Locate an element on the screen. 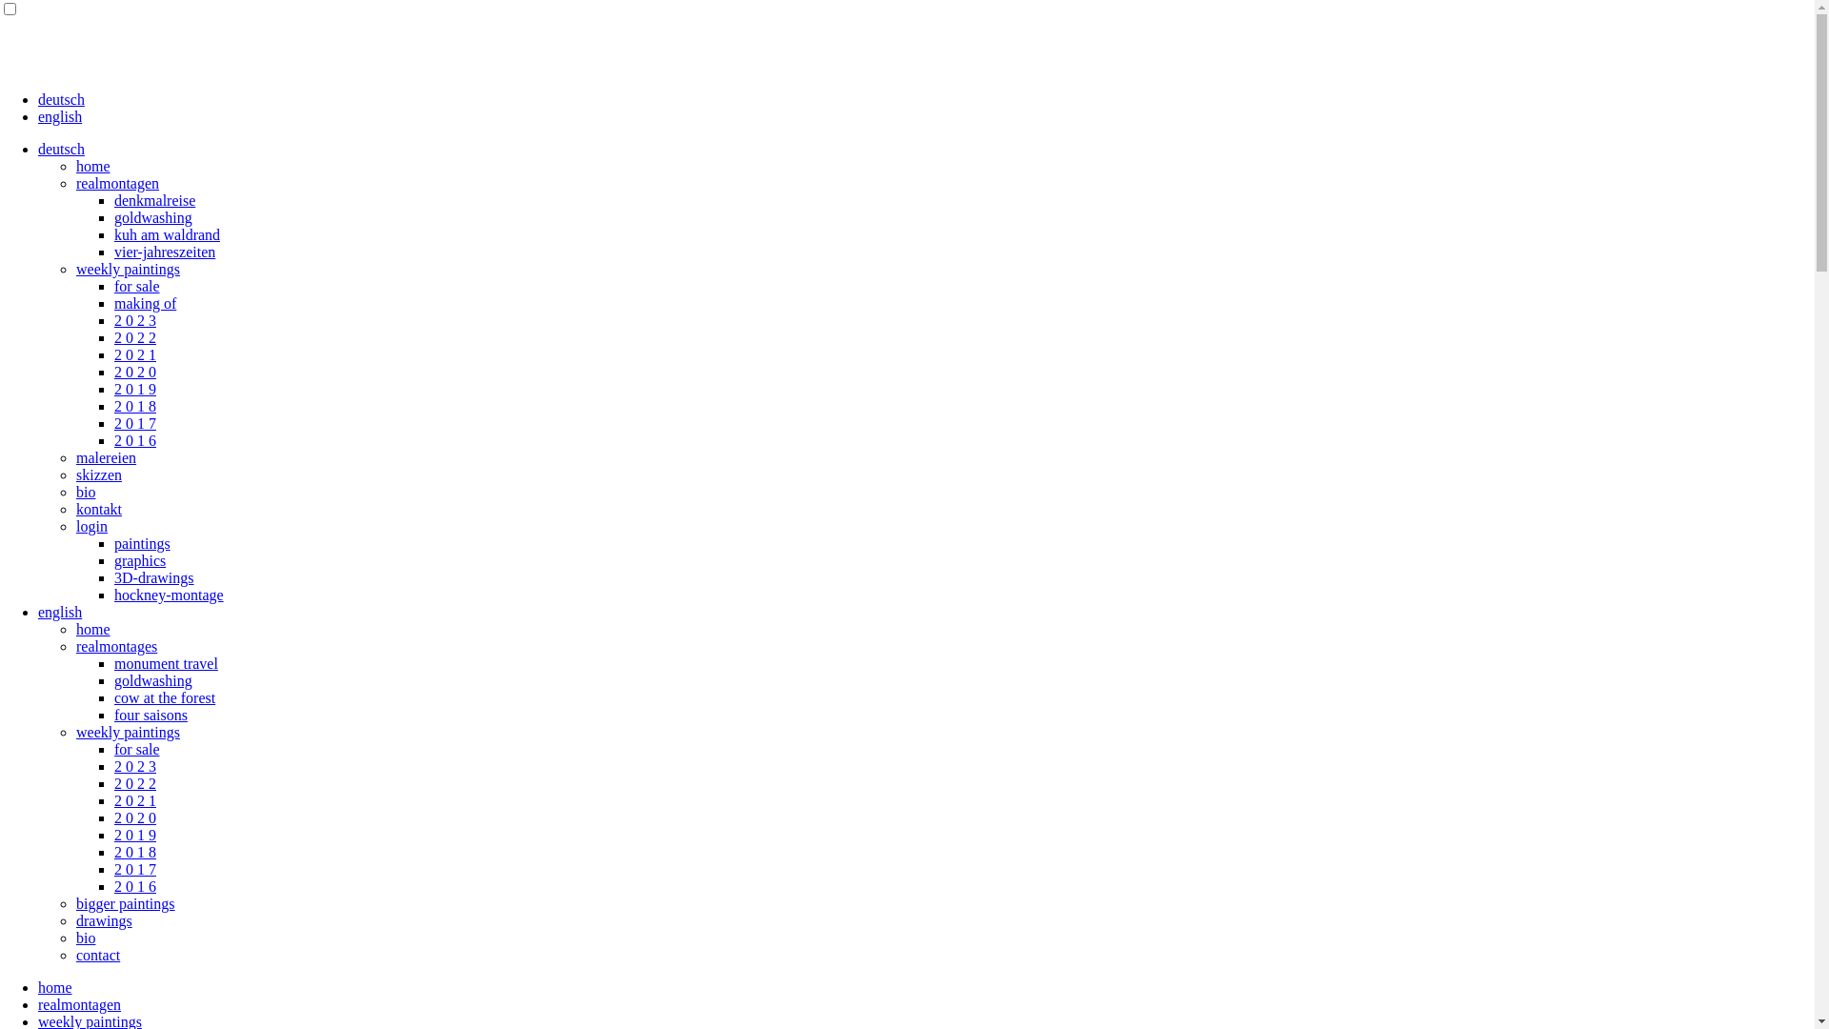  'weekly paintings' is located at coordinates (127, 731).